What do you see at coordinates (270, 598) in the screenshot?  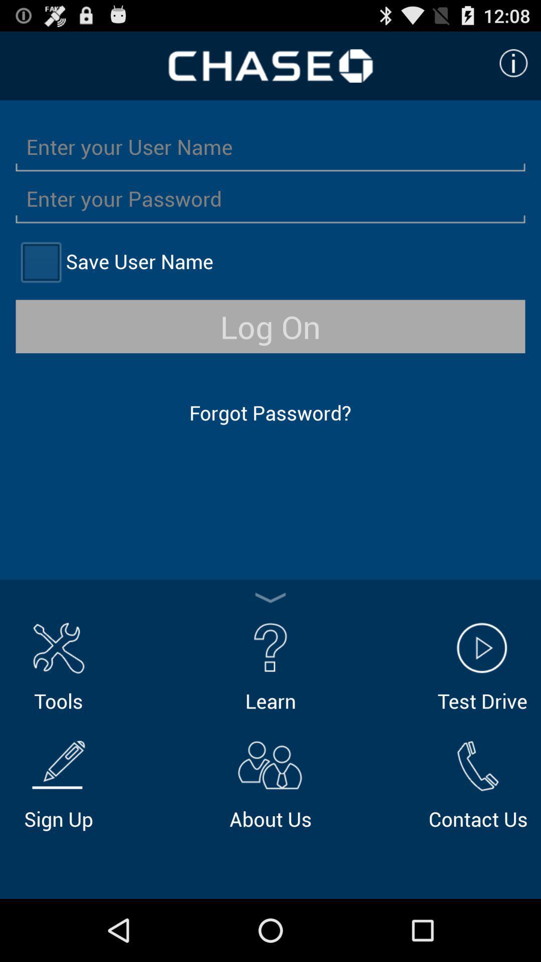 I see `minimize options close options toggle options` at bounding box center [270, 598].